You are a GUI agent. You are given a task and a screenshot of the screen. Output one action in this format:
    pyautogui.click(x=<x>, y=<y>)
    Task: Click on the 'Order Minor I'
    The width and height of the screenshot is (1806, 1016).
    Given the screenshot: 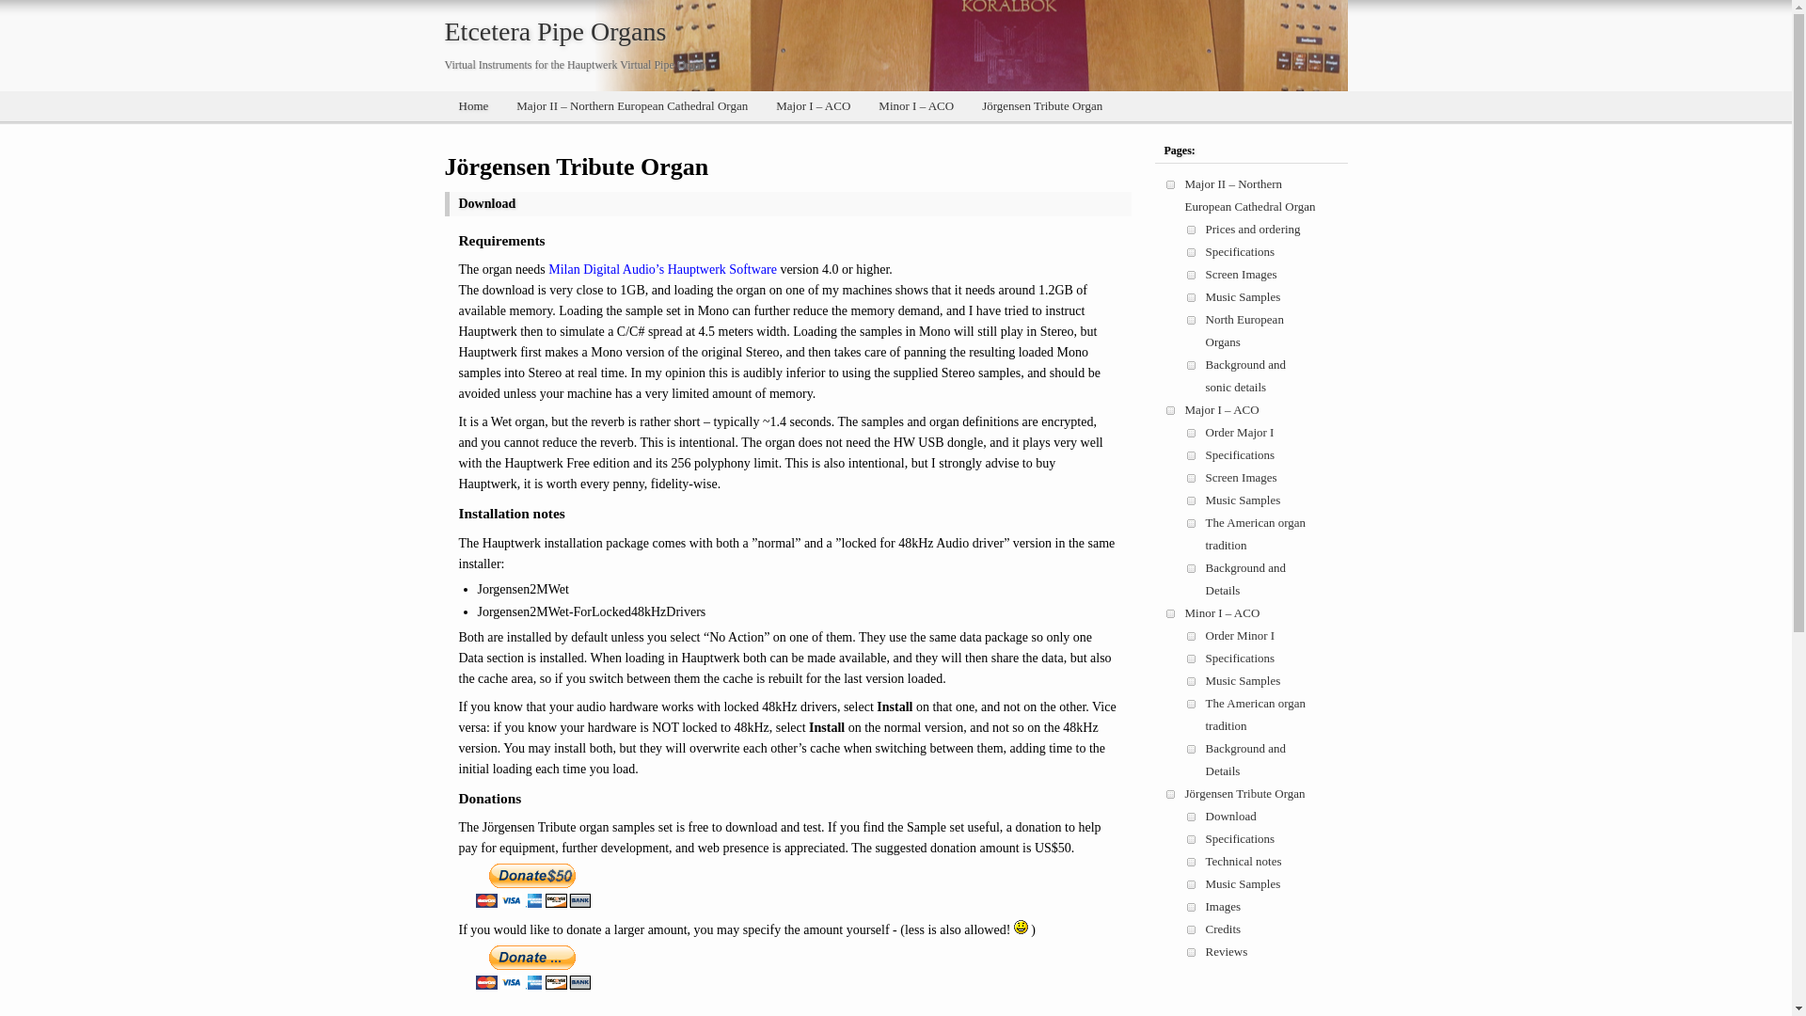 What is the action you would take?
    pyautogui.click(x=1241, y=635)
    